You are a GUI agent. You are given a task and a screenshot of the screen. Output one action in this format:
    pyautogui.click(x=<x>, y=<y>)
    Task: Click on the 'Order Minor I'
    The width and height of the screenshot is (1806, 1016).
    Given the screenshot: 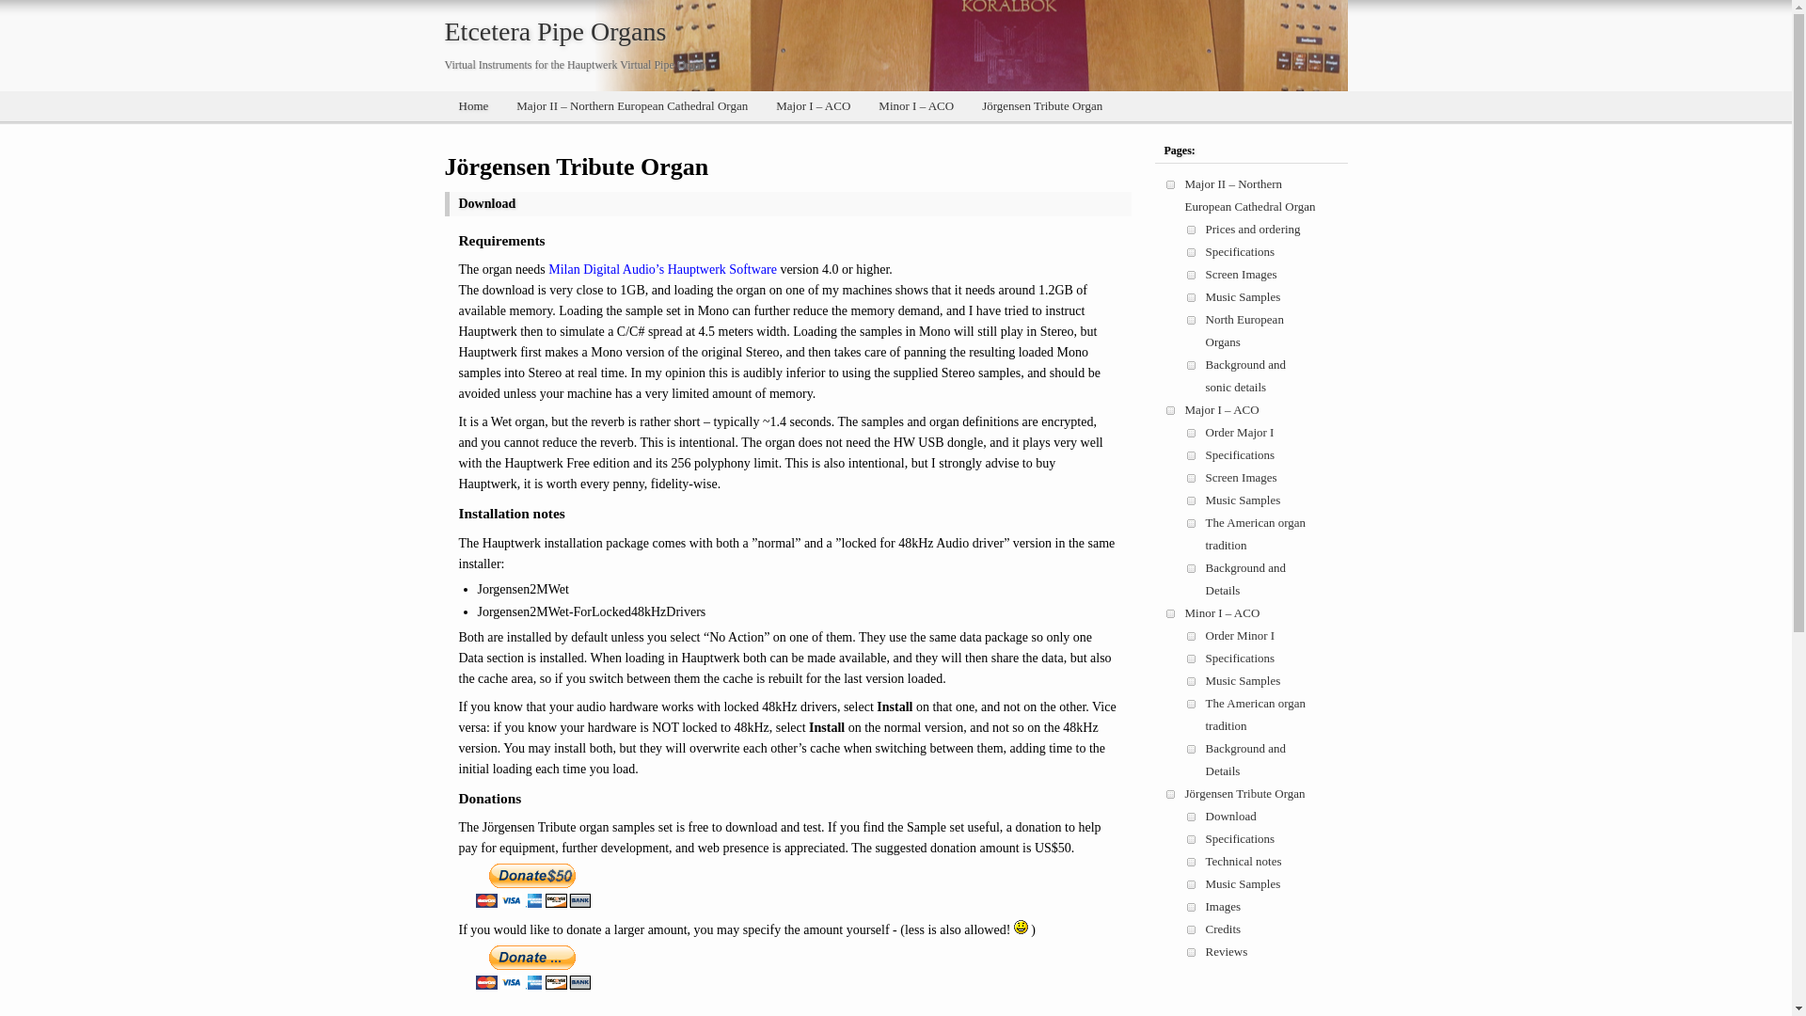 What is the action you would take?
    pyautogui.click(x=1241, y=635)
    